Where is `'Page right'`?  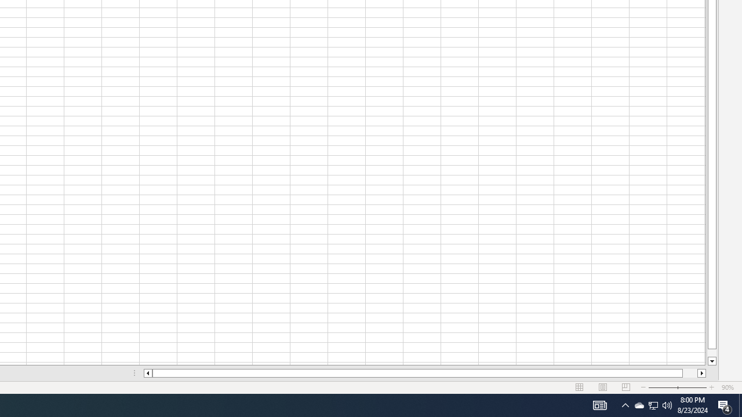
'Page right' is located at coordinates (690, 373).